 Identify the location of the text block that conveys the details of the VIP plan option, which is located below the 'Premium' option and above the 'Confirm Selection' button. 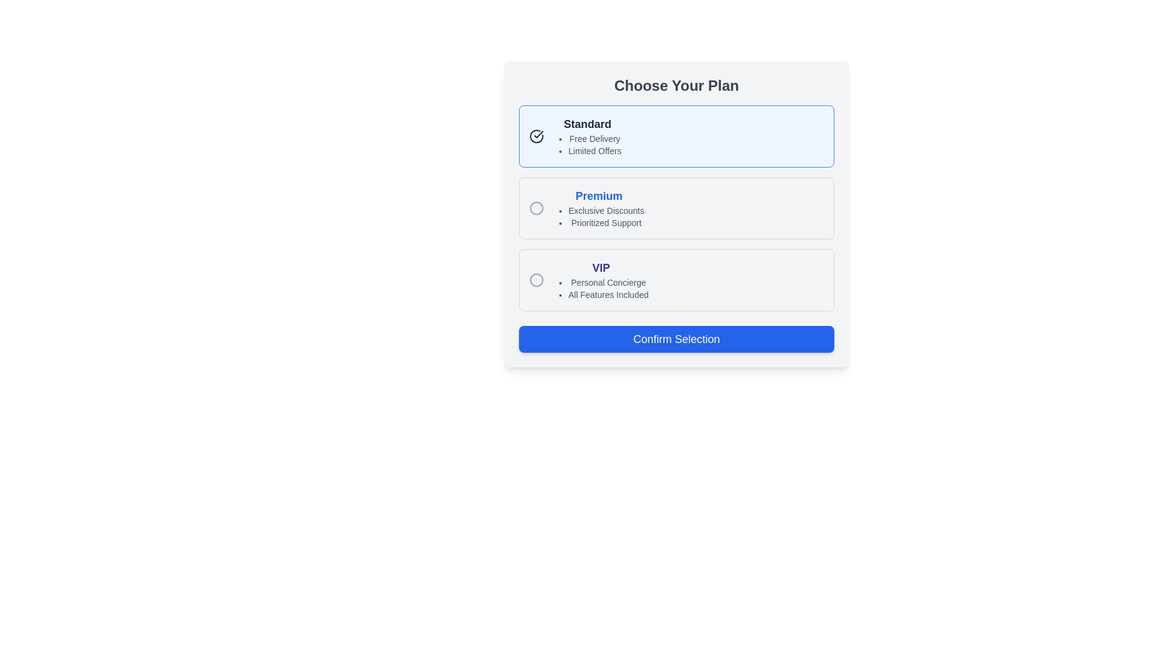
(601, 280).